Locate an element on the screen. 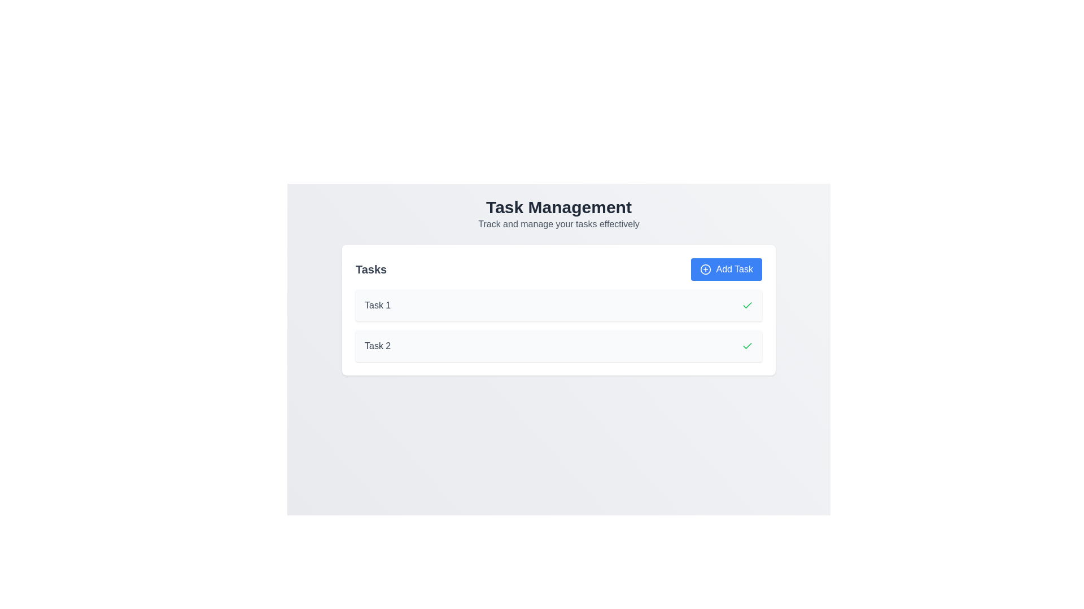 The image size is (1084, 609). the task entry labeled 'Task 2', which is the second item in a vertically stacked list of tasks is located at coordinates (558, 345).